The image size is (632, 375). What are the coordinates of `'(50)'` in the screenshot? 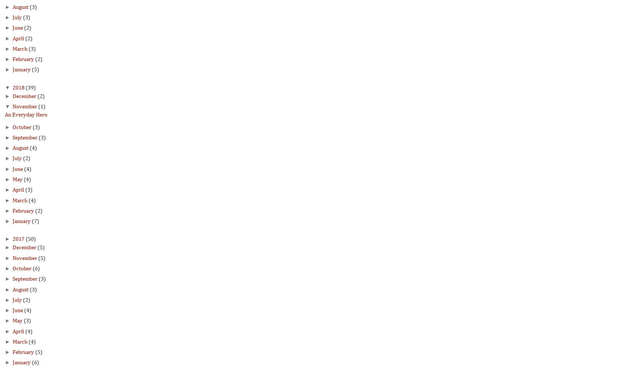 It's located at (25, 239).